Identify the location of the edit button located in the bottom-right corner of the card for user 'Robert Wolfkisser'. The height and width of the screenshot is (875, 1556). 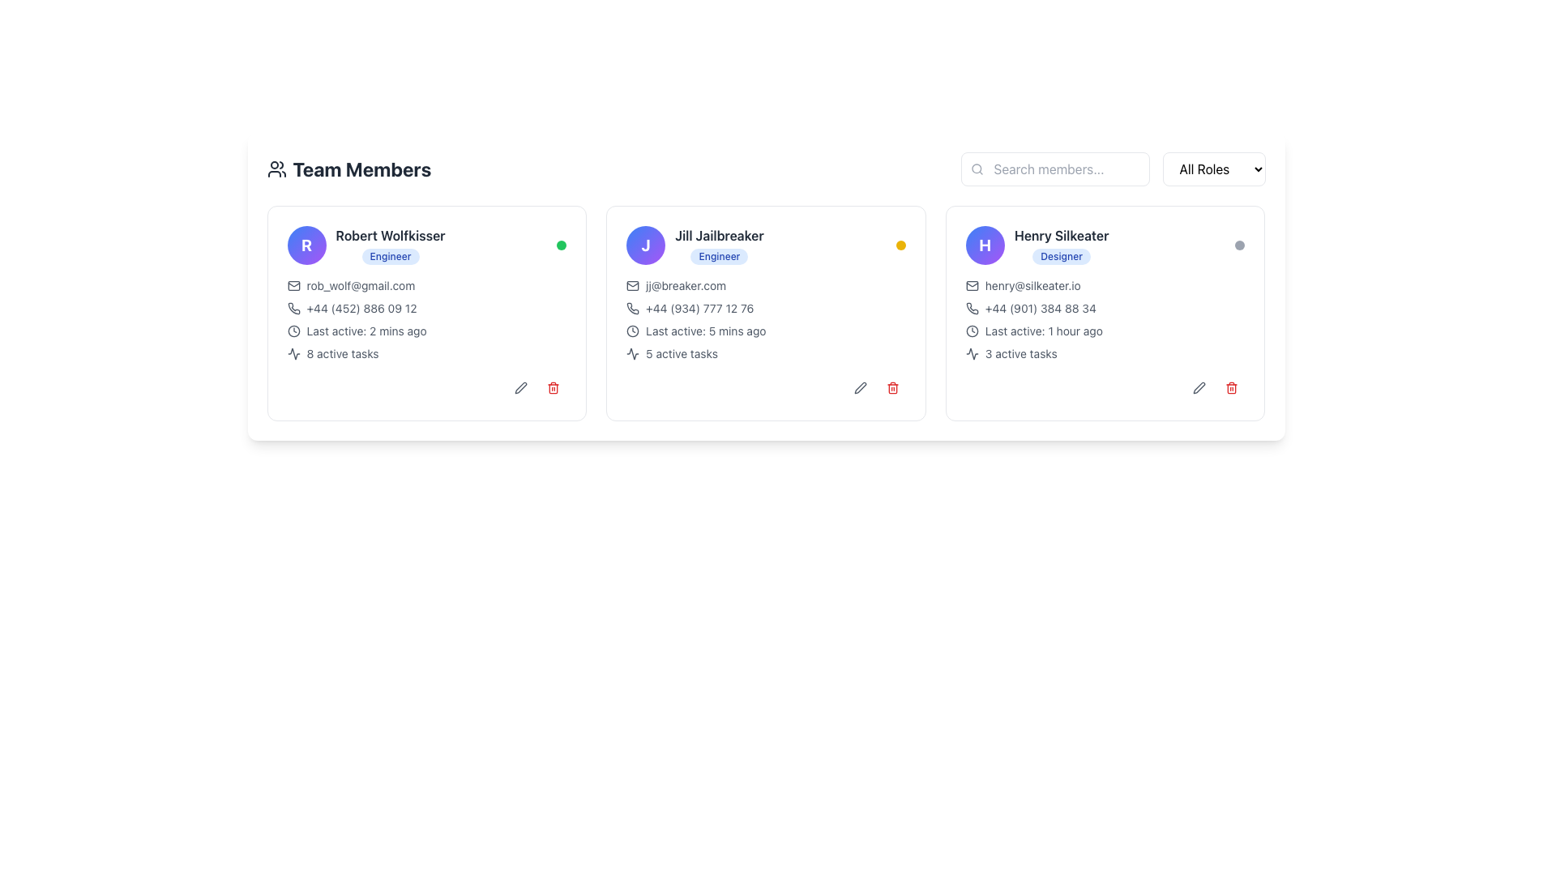
(521, 387).